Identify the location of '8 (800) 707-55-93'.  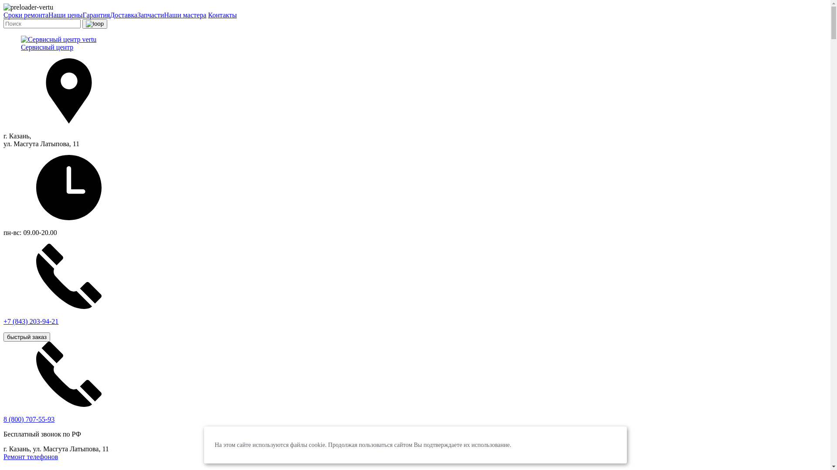
(29, 419).